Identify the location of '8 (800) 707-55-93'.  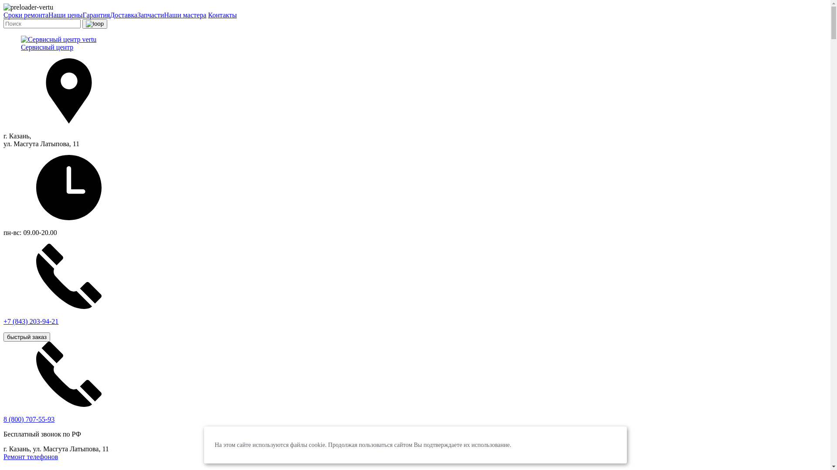
(29, 419).